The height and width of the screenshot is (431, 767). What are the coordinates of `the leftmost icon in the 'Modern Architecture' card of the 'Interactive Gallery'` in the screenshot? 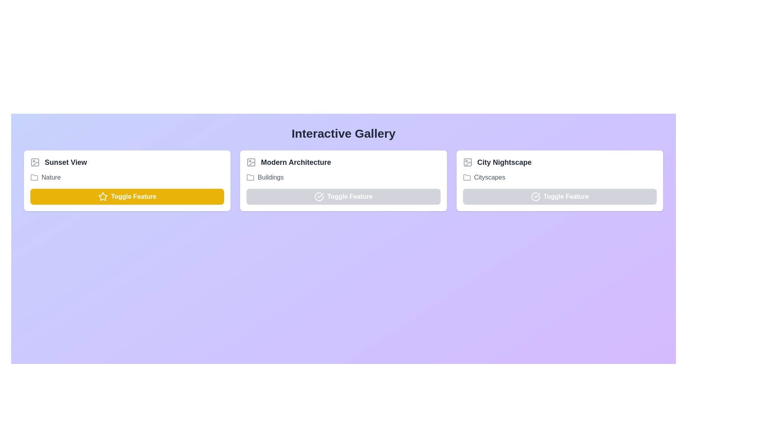 It's located at (319, 197).